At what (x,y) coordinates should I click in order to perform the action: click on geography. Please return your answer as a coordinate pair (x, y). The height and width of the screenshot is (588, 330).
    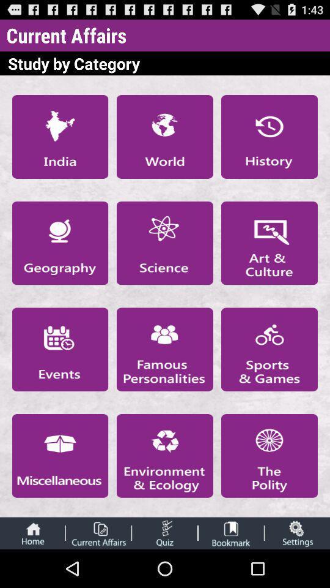
    Looking at the image, I should click on (59, 243).